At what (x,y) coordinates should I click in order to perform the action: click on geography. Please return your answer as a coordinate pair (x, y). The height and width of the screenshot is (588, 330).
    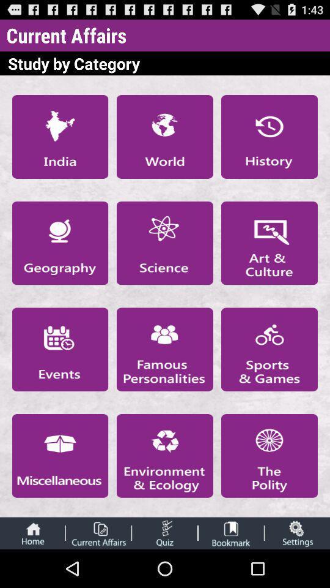
    Looking at the image, I should click on (59, 243).